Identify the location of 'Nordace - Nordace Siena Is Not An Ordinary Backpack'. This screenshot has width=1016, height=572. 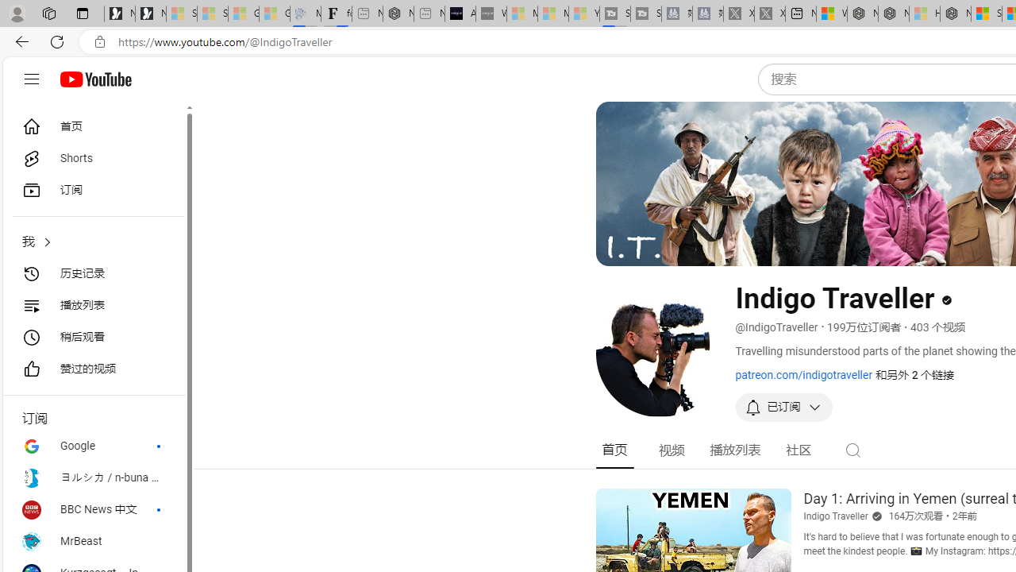
(954, 14).